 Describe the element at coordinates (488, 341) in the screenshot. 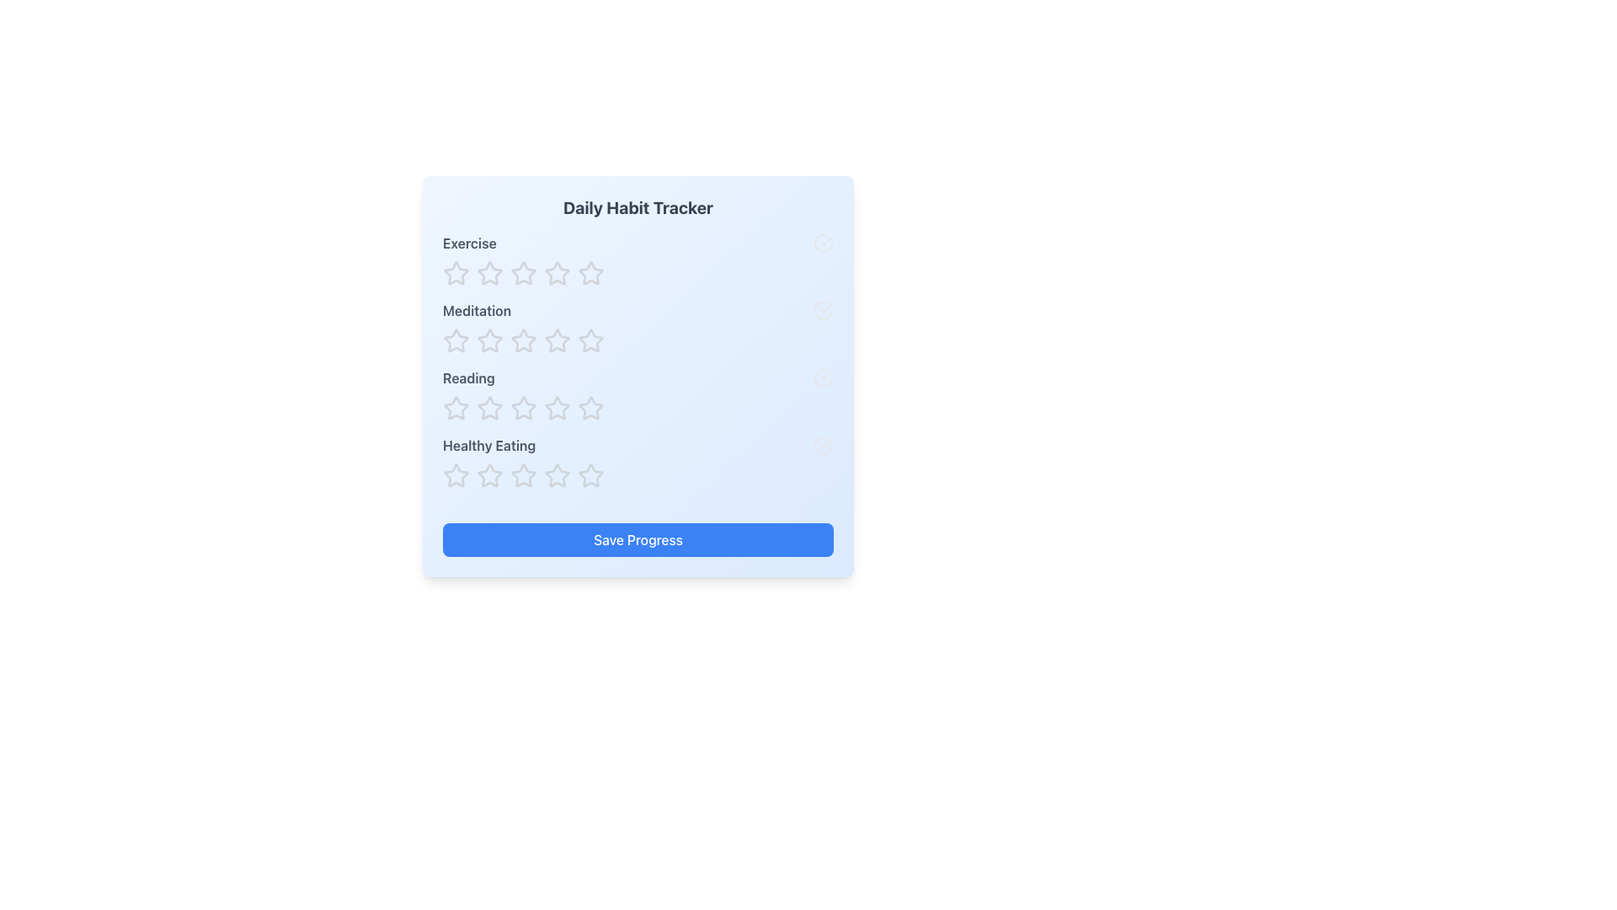

I see `the star icon button, which is the third in the row of five for rating in the 'Meditation' category` at that location.